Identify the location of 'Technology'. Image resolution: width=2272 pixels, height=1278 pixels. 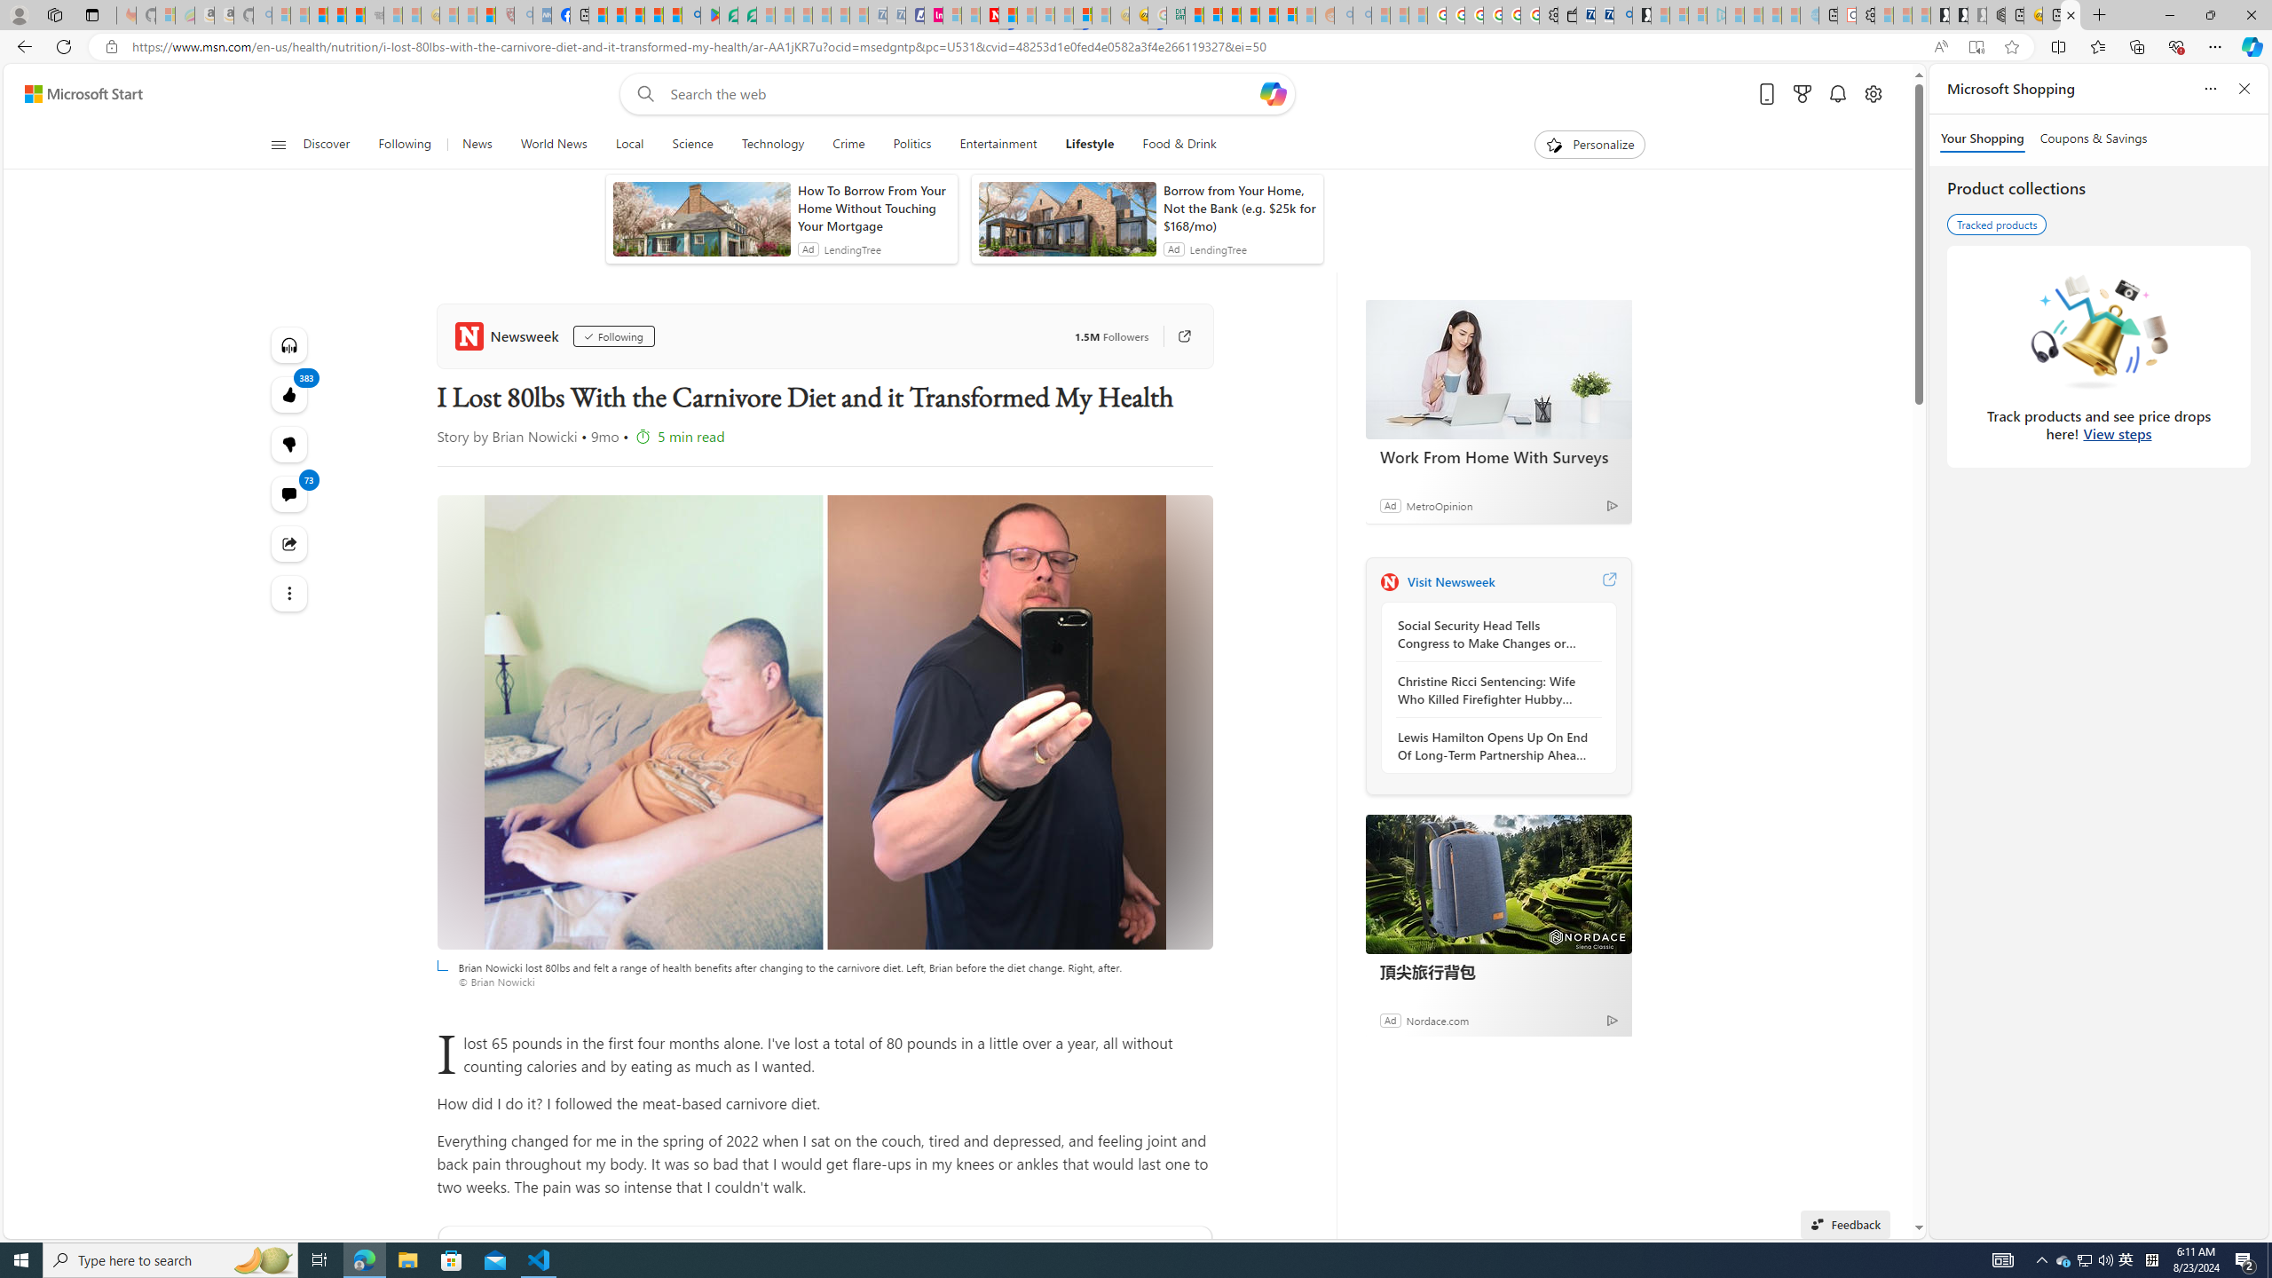
(773, 144).